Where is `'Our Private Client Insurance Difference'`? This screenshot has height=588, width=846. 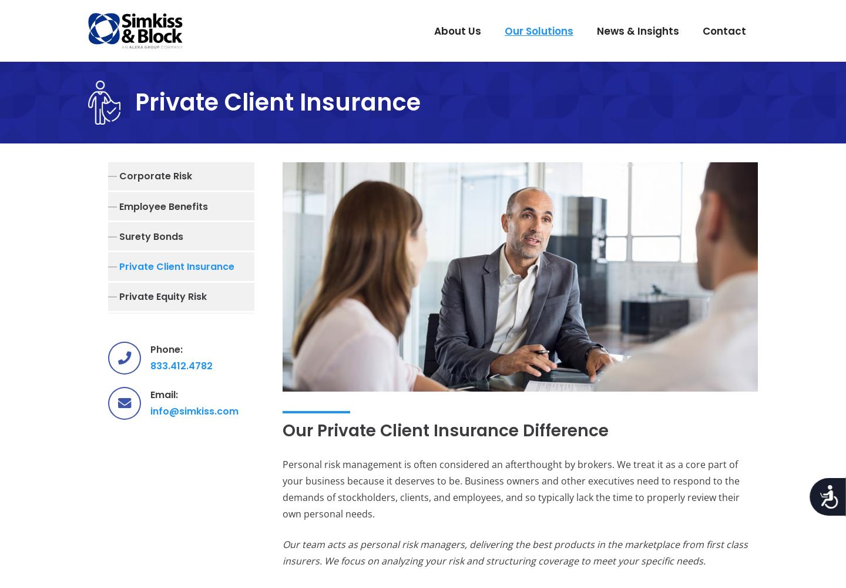 'Our Private Client Insurance Difference' is located at coordinates (444, 430).